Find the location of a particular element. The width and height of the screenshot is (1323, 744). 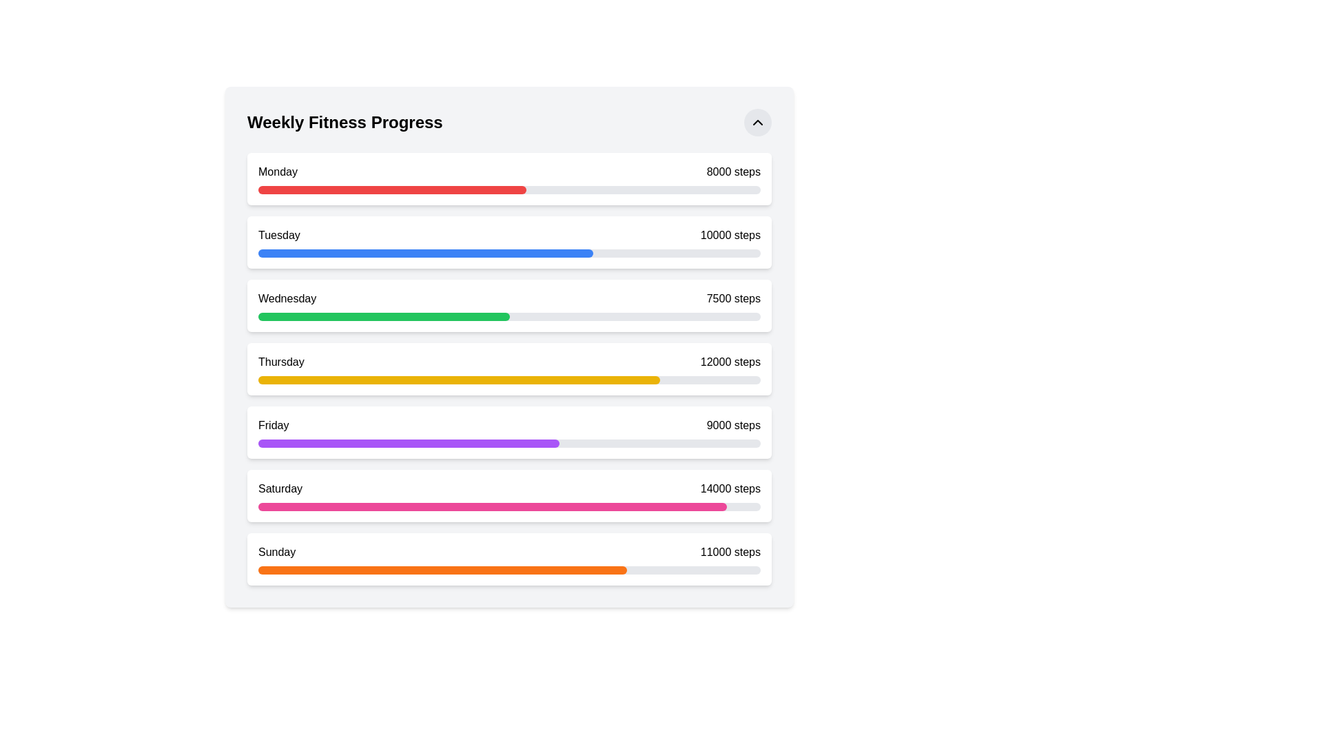

the label displaying the text 'Tuesday', which is left-aligned in a list or table layout and represents a day of the week is located at coordinates (278, 235).